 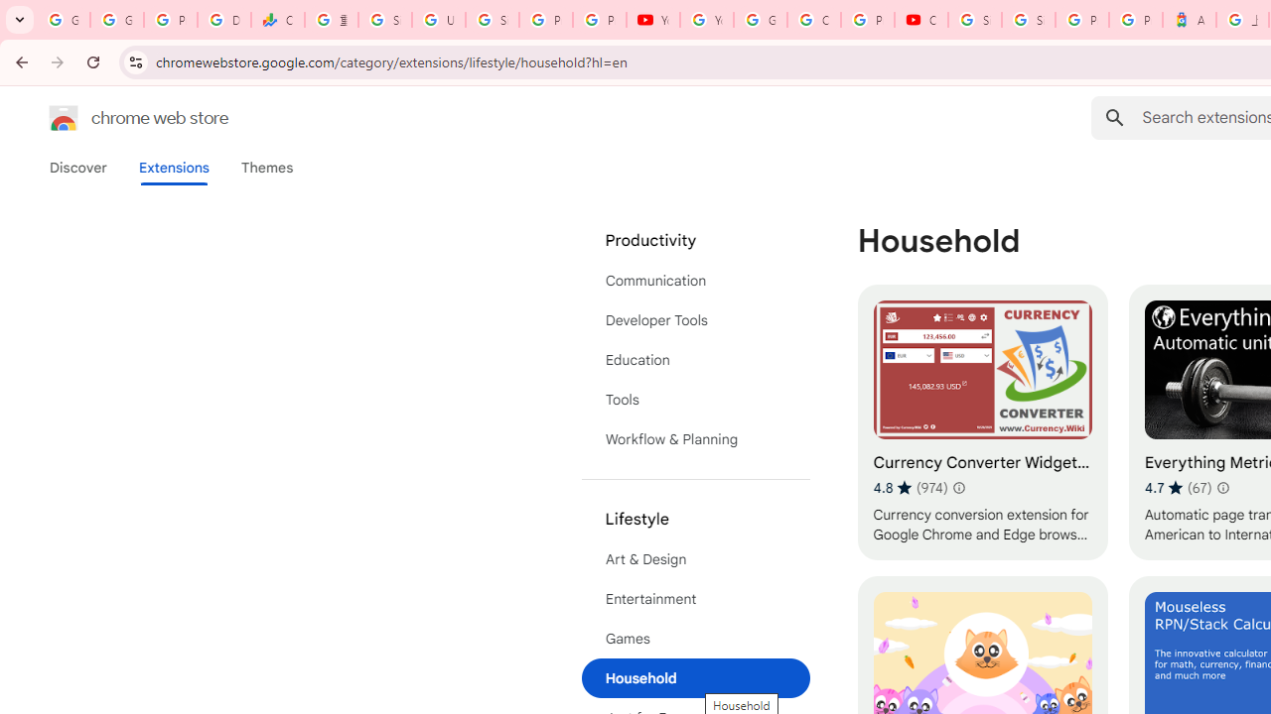 What do you see at coordinates (78, 167) in the screenshot?
I see `'Discover'` at bounding box center [78, 167].